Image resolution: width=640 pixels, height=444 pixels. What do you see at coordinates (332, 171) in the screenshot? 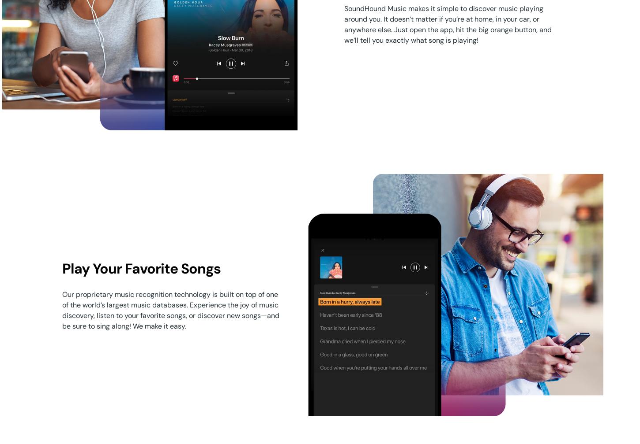
I see `'Solutions'` at bounding box center [332, 171].